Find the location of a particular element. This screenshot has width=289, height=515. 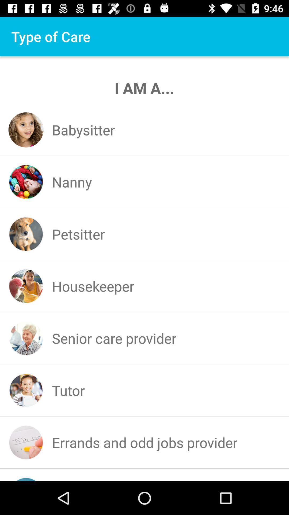

the tutor icon is located at coordinates (68, 390).